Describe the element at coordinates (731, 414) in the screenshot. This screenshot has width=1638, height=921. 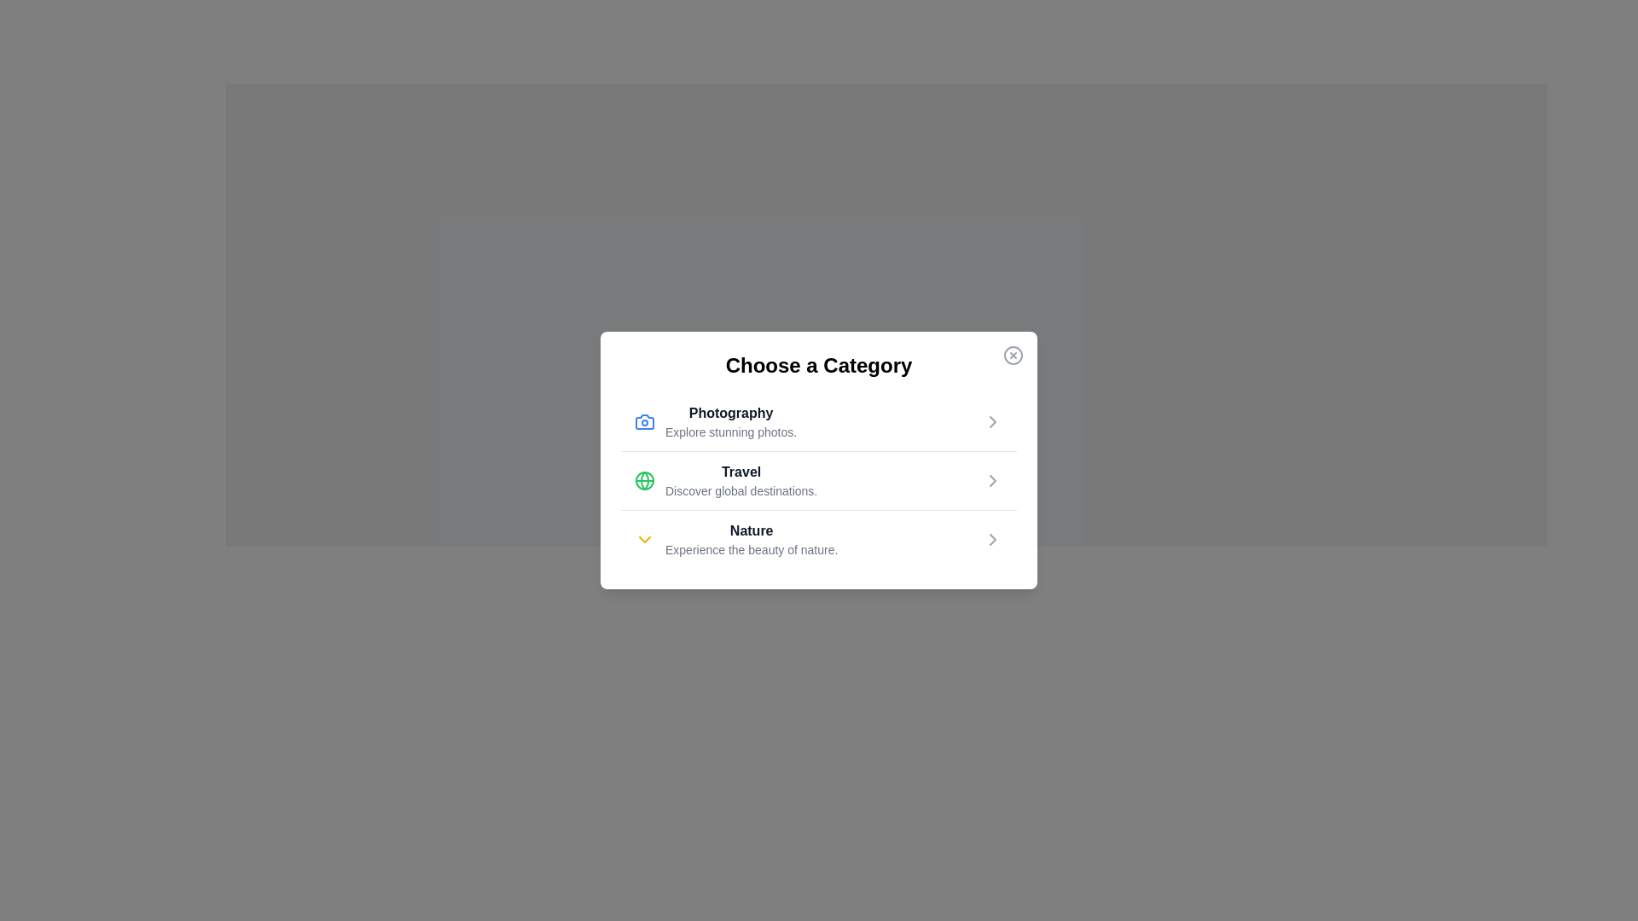
I see `the 'Photography' text label` at that location.